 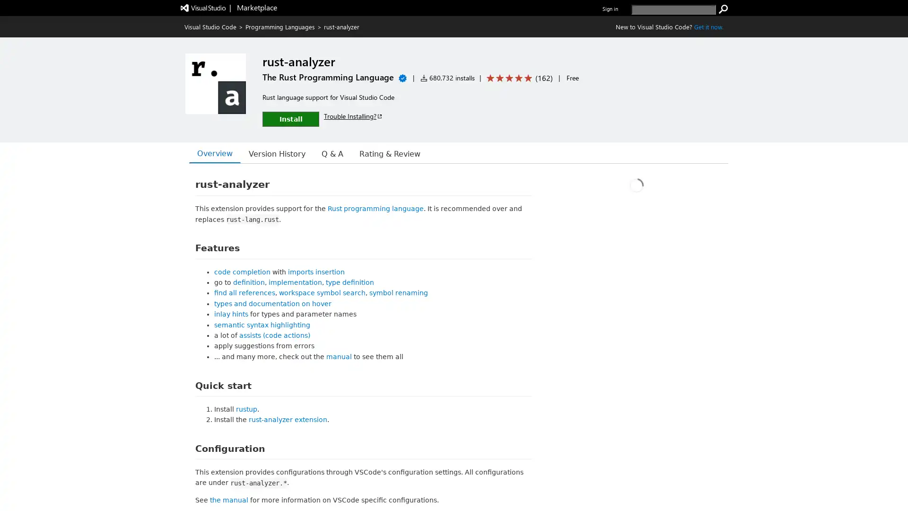 I want to click on Install, so click(x=290, y=118).